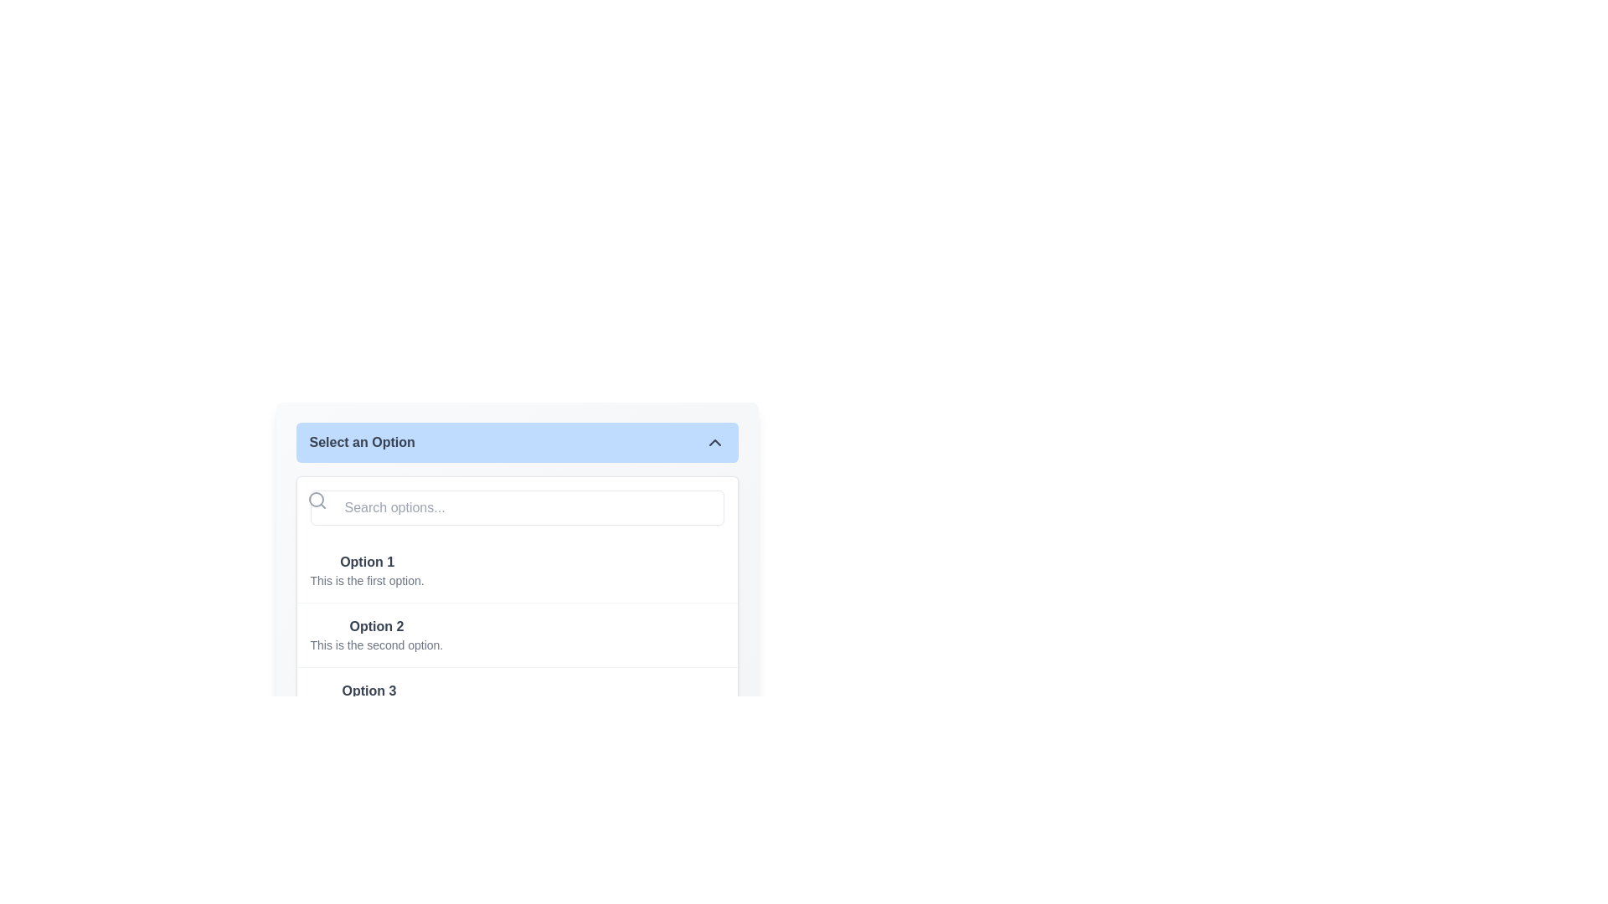 The width and height of the screenshot is (1608, 904). Describe the element at coordinates (516, 699) in the screenshot. I see `the third option in the dropdown list, positioned below 'Option 2' and above 'Option 4'` at that location.